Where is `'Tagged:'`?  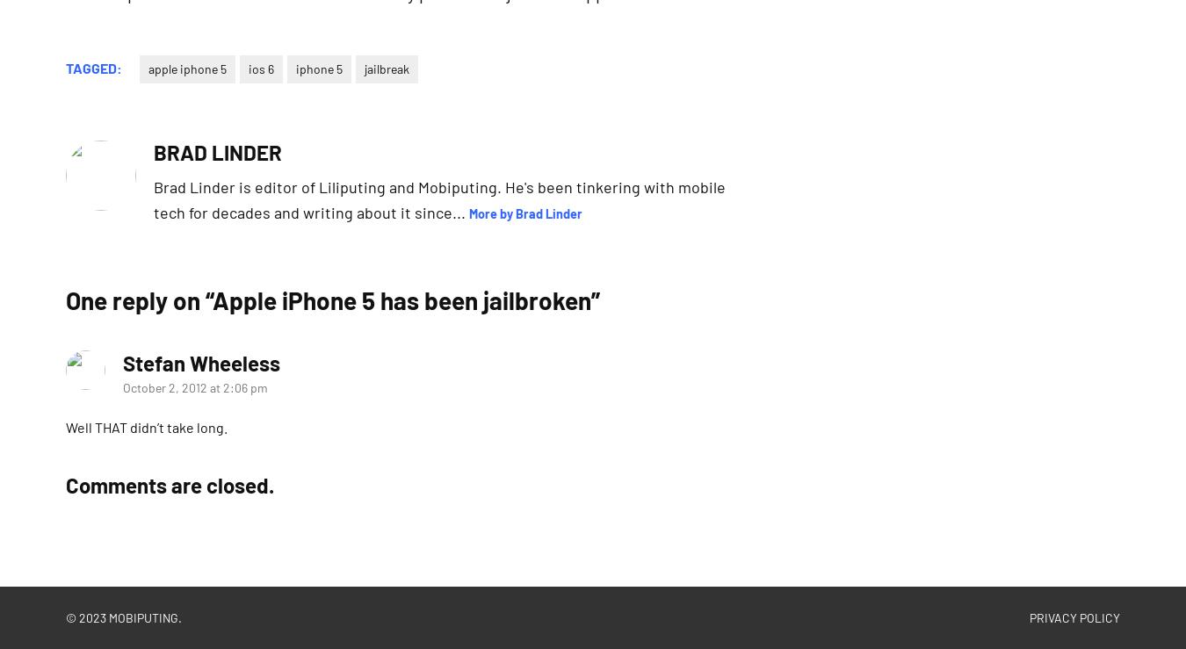 'Tagged:' is located at coordinates (93, 66).